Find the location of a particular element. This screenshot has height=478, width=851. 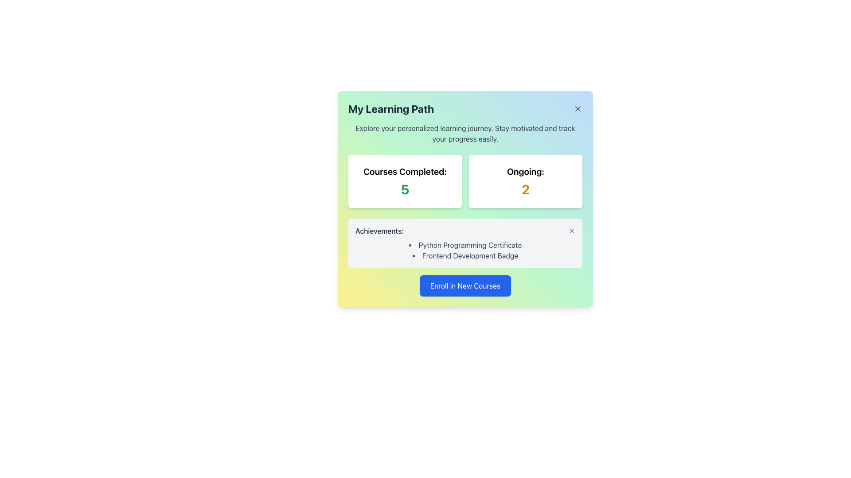

the Text Label that serves as a header or title for the current section, indicating the focus of the content below is located at coordinates (390, 108).